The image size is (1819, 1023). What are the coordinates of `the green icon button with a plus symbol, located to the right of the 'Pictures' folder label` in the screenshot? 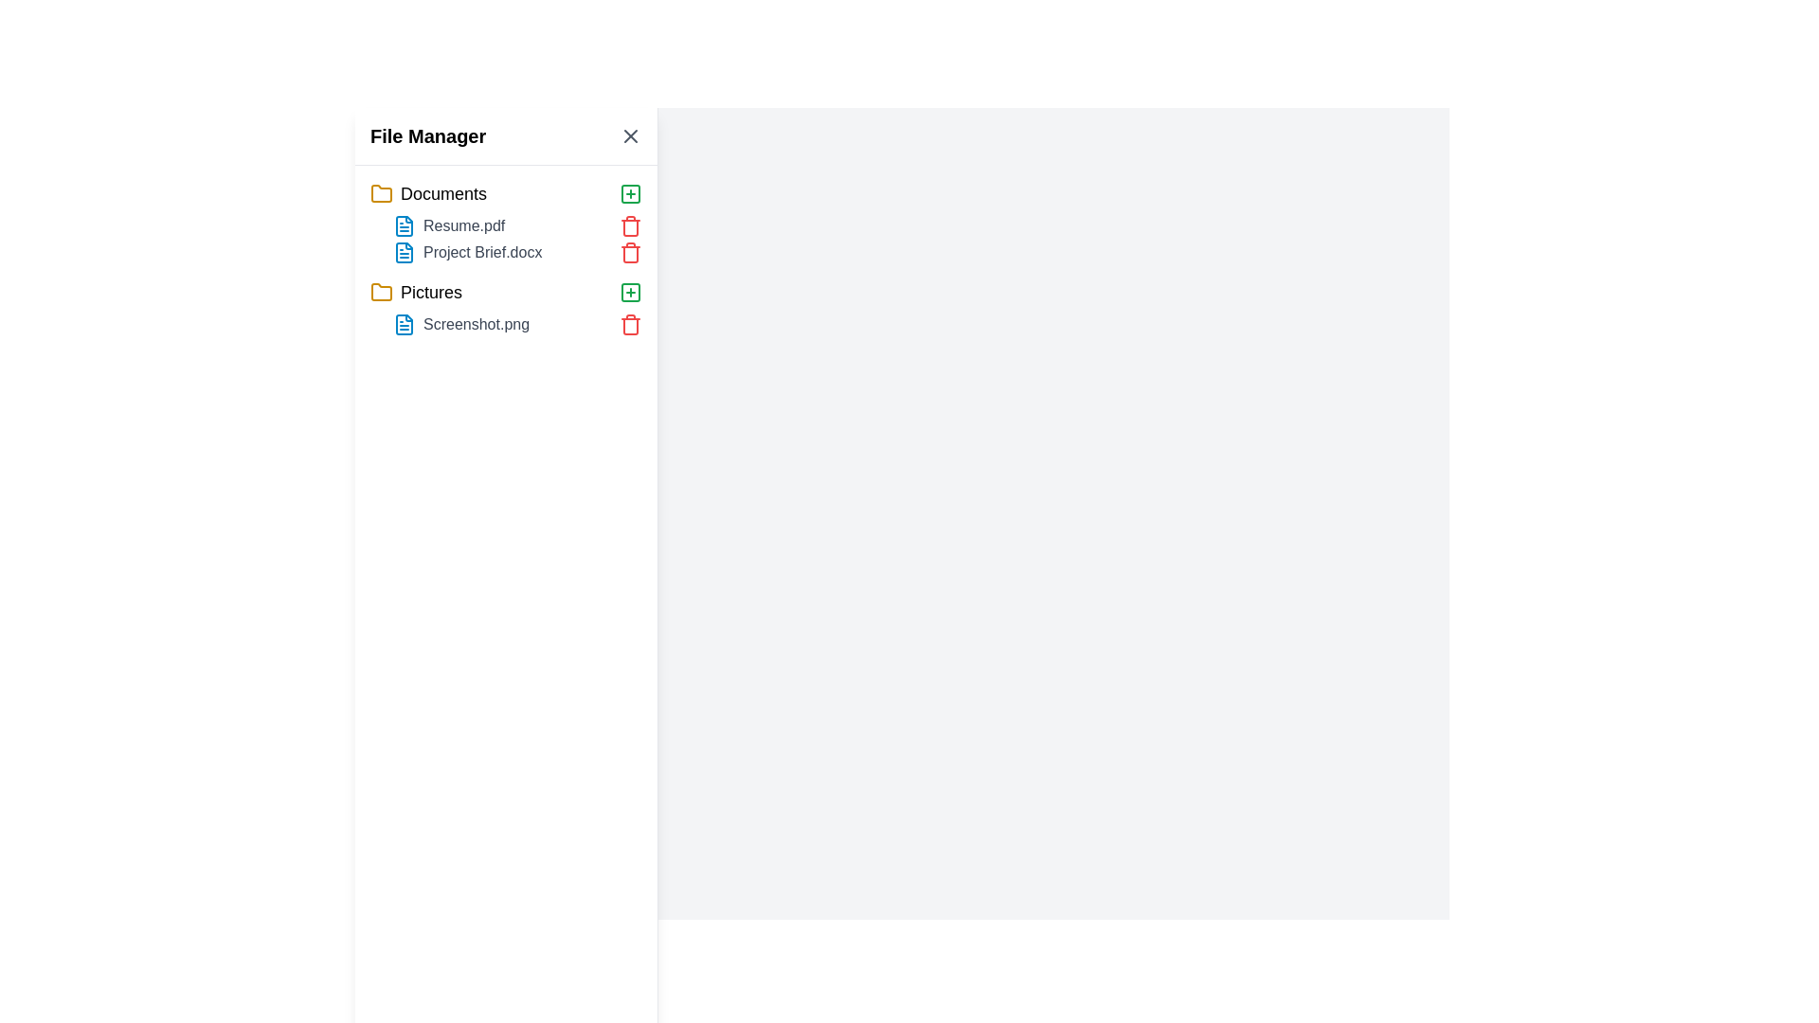 It's located at (631, 292).